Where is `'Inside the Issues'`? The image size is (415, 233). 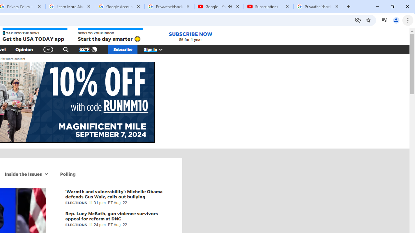 'Inside the Issues' is located at coordinates (22, 173).